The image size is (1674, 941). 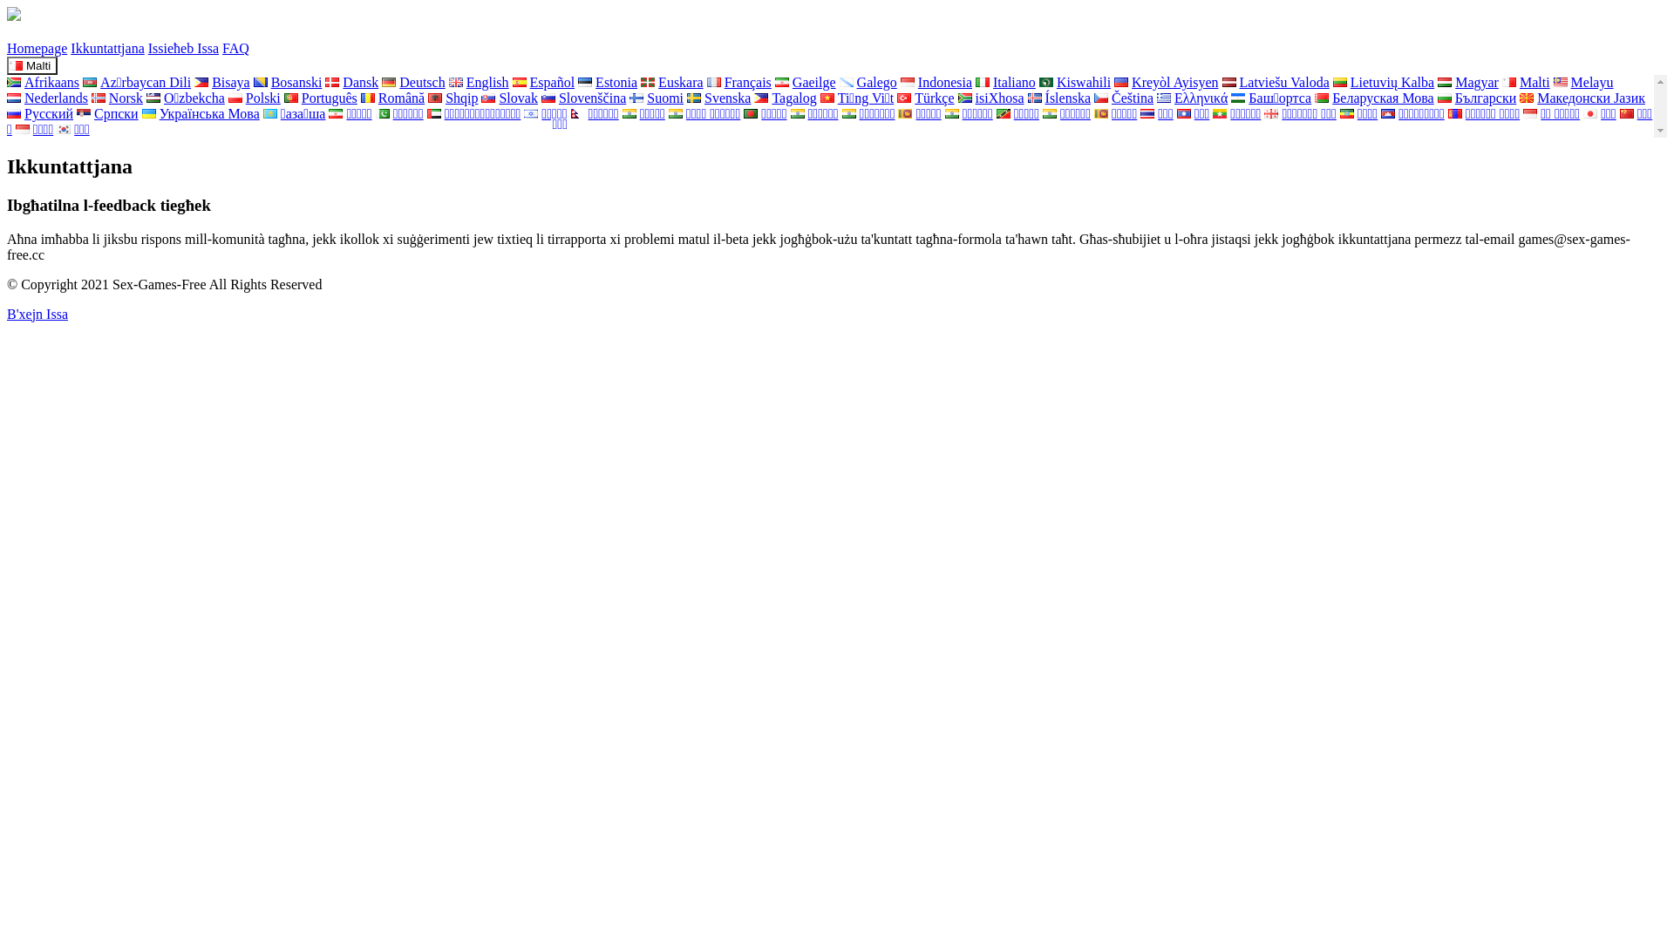 I want to click on 'Nederlands', so click(x=47, y=98).